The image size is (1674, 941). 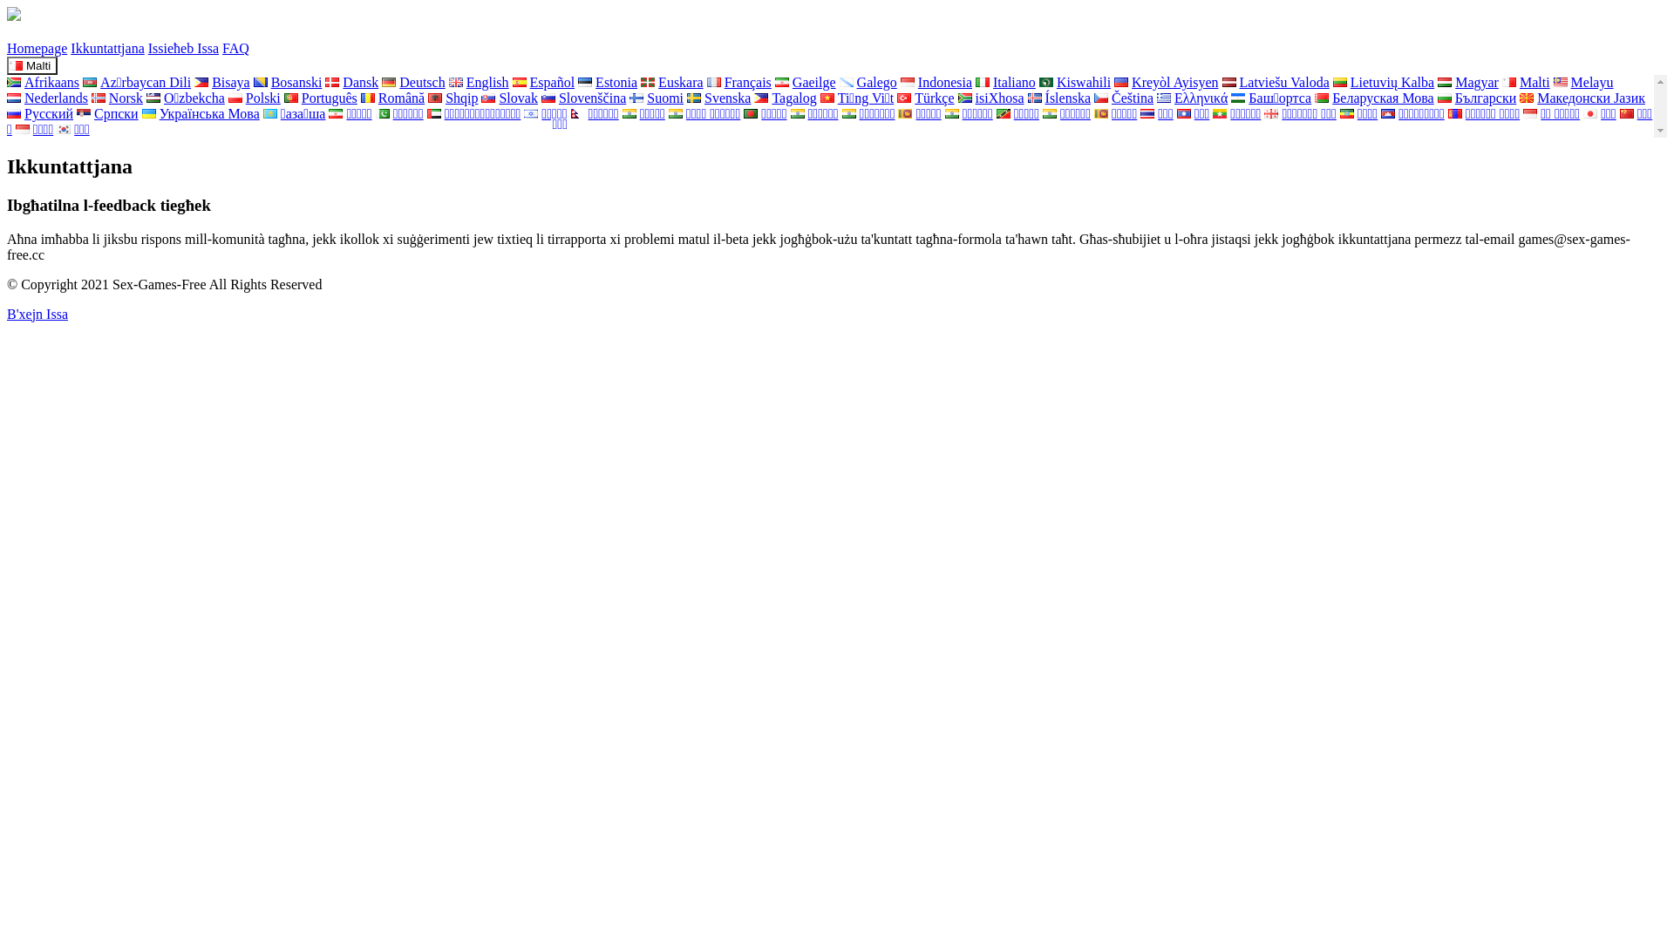 I want to click on 'Nederlands', so click(x=47, y=98).